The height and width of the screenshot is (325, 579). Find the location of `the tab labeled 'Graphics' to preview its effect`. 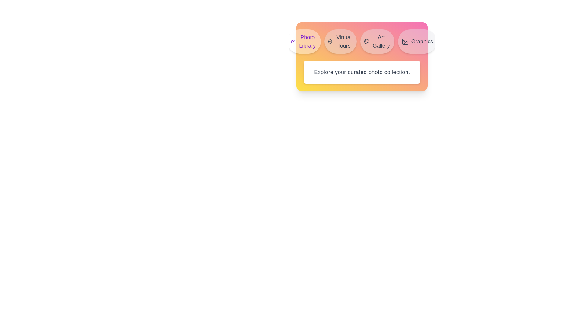

the tab labeled 'Graphics' to preview its effect is located at coordinates (417, 41).